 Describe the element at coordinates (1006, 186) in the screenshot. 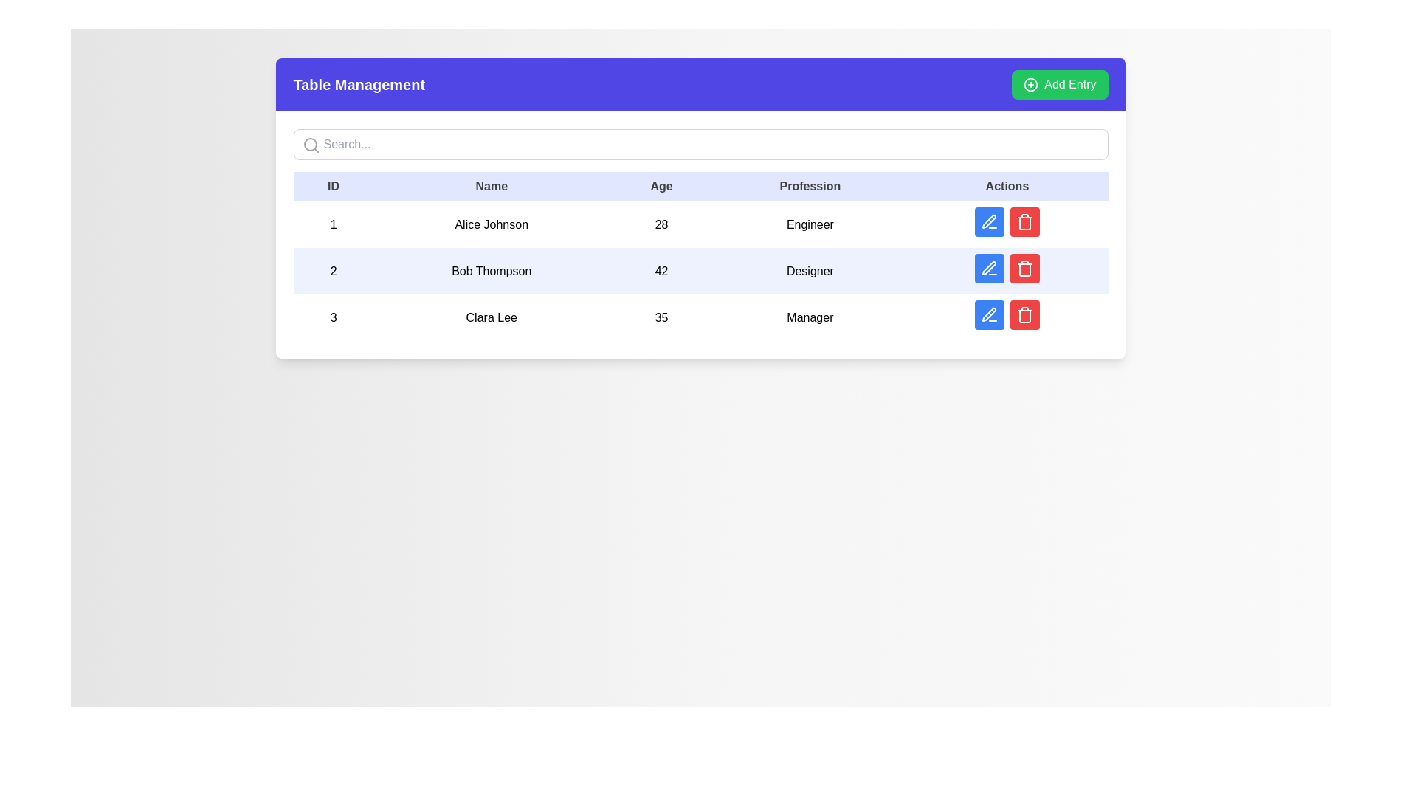

I see `the 'Actions' text label, which is the last column header in a data table, displayed in bold with a light indigo background` at that location.